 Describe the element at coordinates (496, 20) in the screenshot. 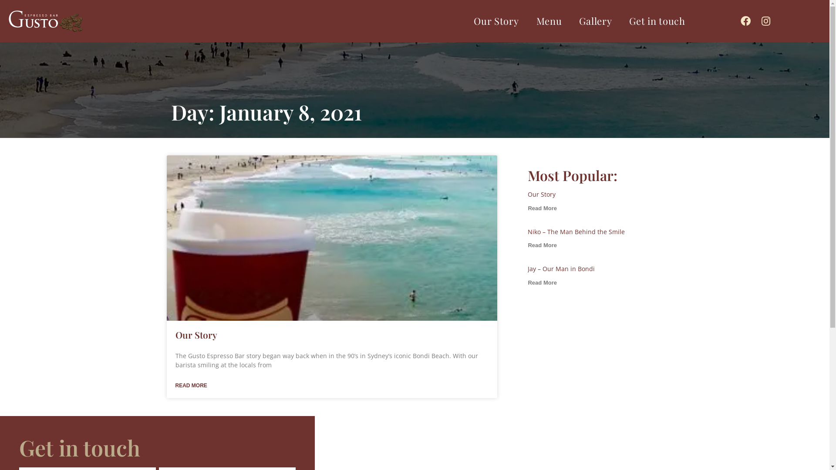

I see `'Our Story'` at that location.